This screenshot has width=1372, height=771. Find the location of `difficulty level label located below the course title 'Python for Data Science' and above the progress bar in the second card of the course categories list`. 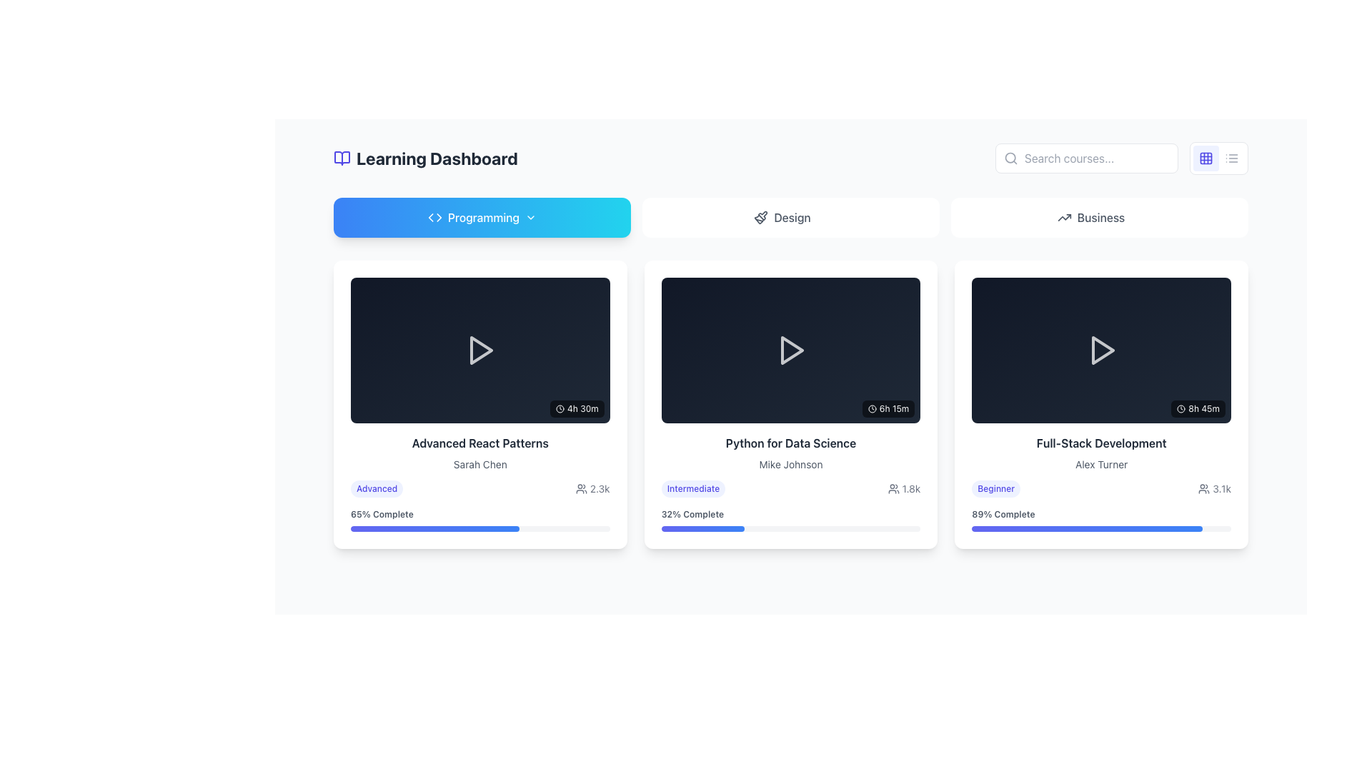

difficulty level label located below the course title 'Python for Data Science' and above the progress bar in the second card of the course categories list is located at coordinates (693, 488).